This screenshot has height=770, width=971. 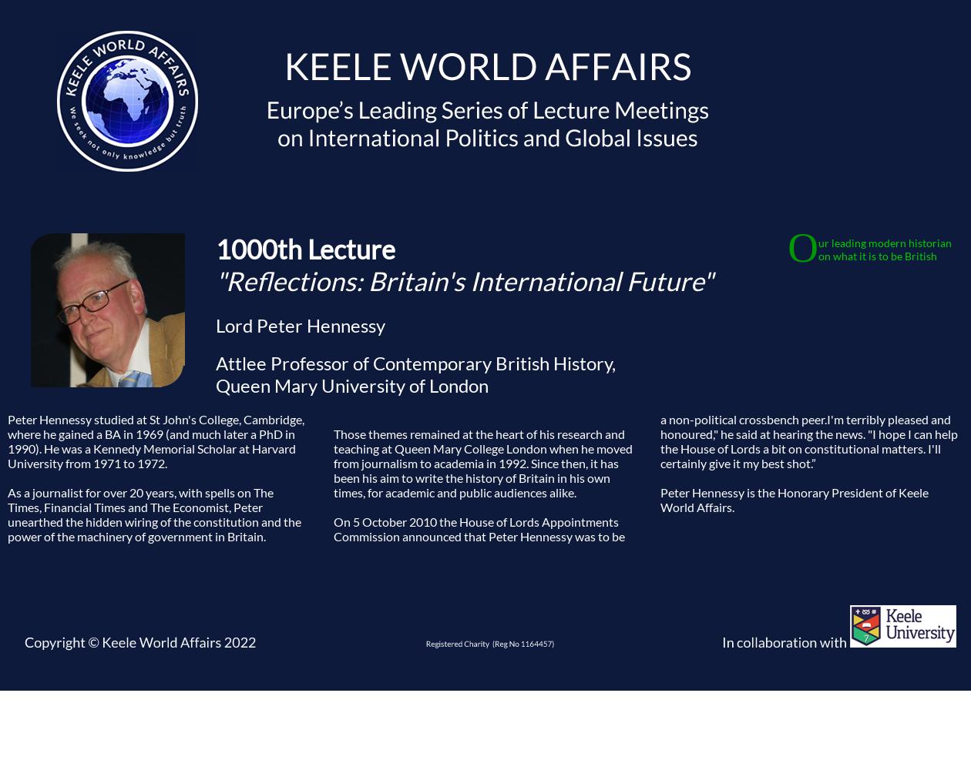 I want to click on 'Those themes remained at the heart of his research and teaching at Queen Mary College London when he moved from journalism to academia in 1992. Since then, it has been his aim to write the history of Britain in his own times, for academic and public audiences alike.', so click(x=482, y=461).